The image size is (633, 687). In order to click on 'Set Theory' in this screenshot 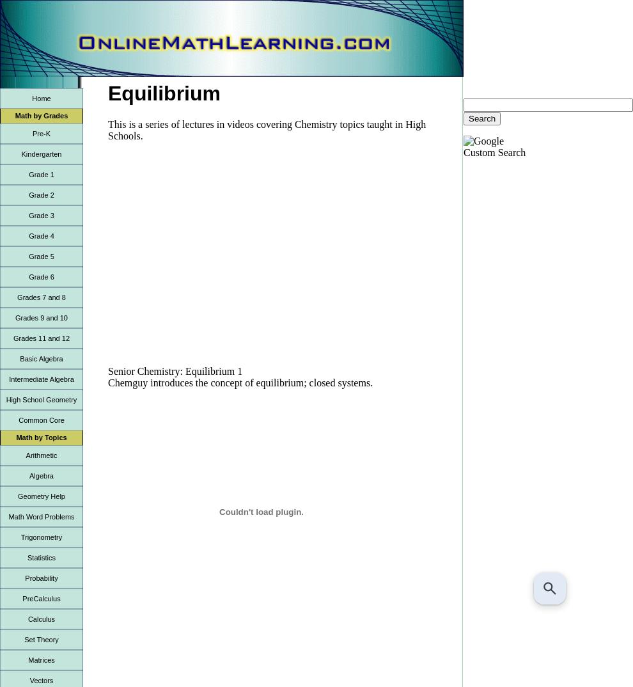, I will do `click(24, 639)`.